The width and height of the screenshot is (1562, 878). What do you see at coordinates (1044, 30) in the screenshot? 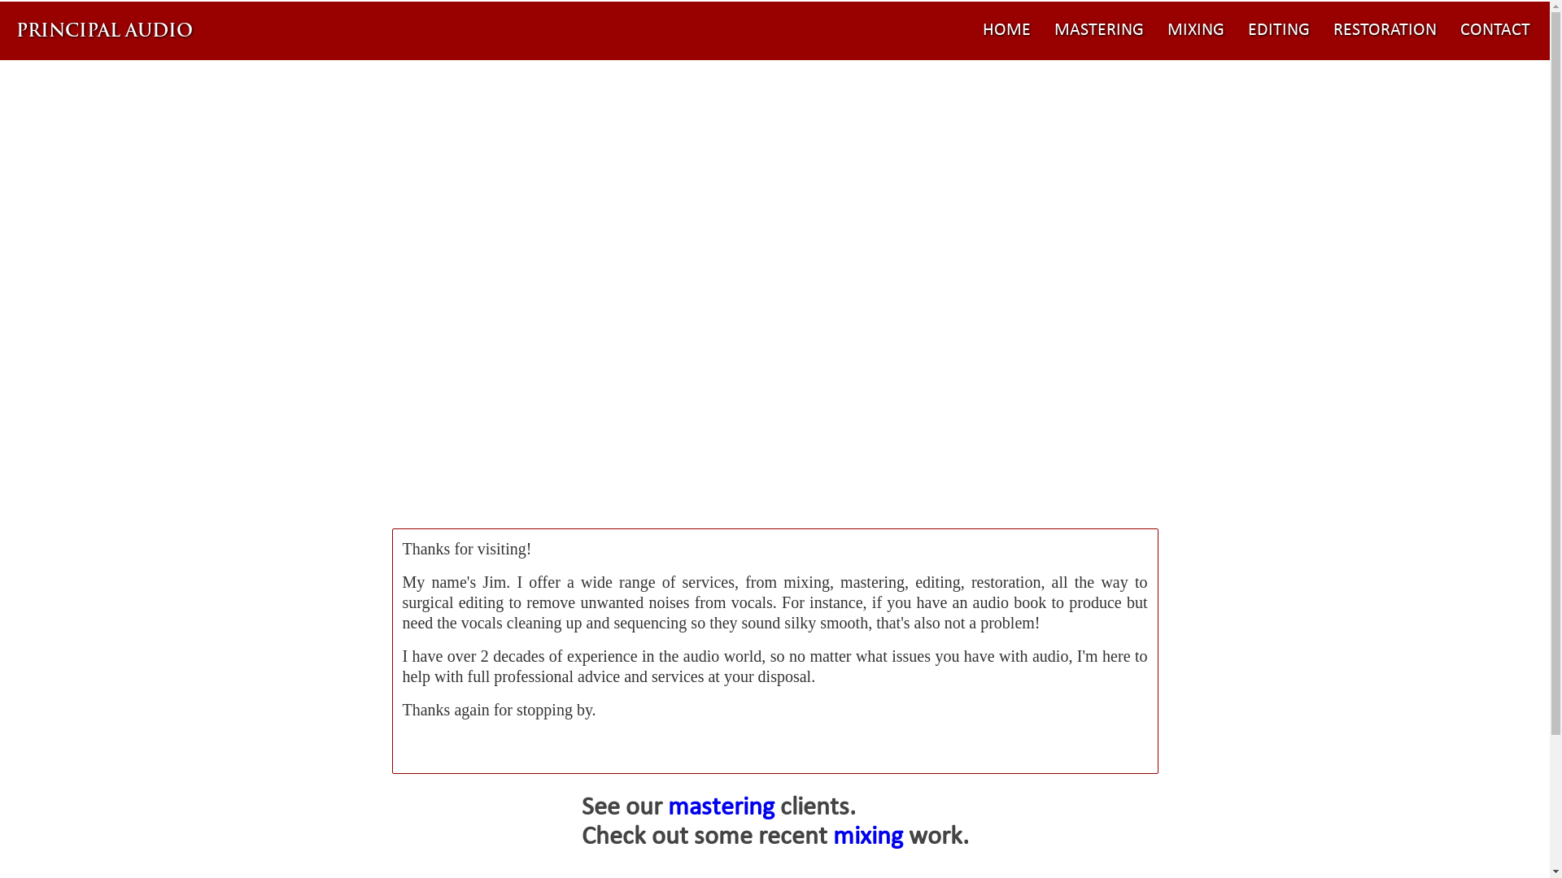
I see `'MASTERING'` at bounding box center [1044, 30].